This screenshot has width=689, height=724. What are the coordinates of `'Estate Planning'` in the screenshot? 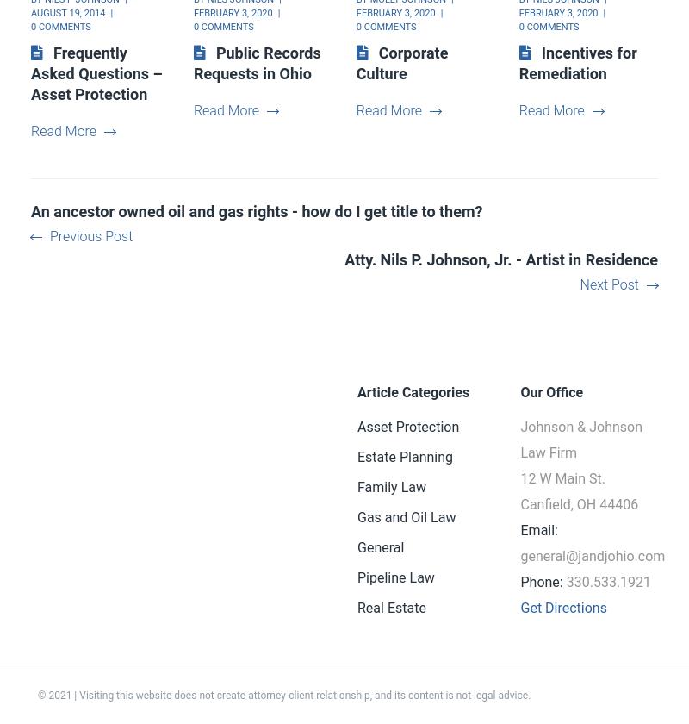 It's located at (405, 457).